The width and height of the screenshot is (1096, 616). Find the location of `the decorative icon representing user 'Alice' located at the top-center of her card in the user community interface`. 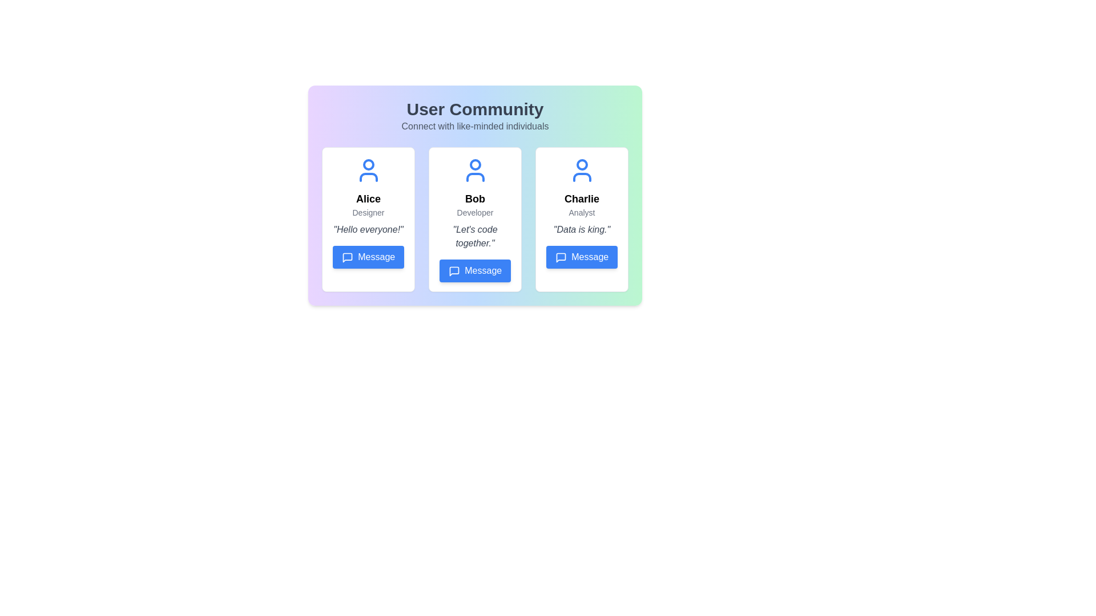

the decorative icon representing user 'Alice' located at the top-center of her card in the user community interface is located at coordinates (368, 171).